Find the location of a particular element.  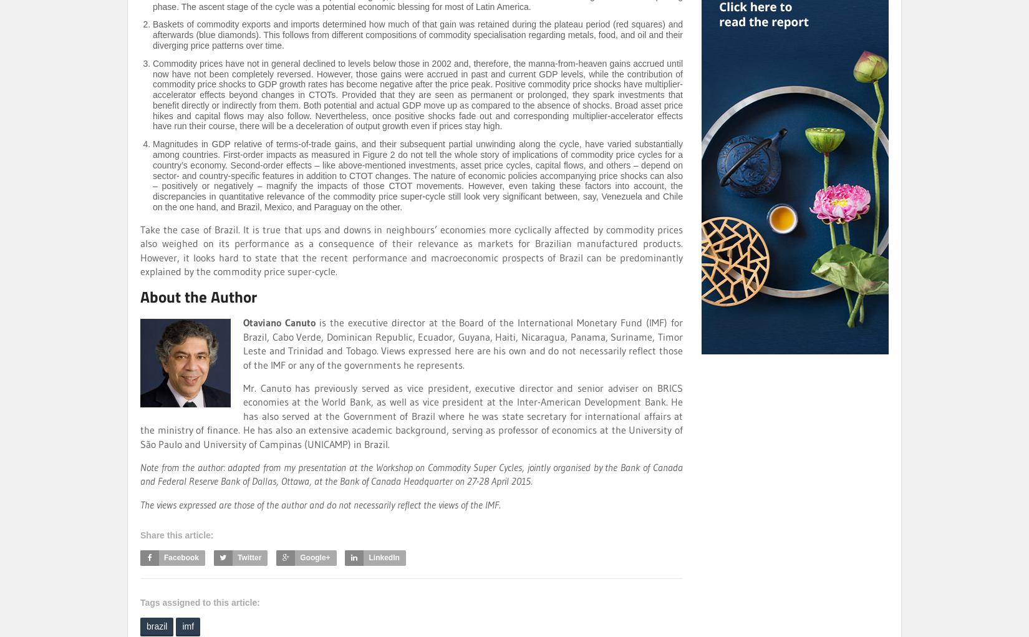

'Mr. Canuto has previously served as vice president, executive director and senior adviser on BRICS economies at the World Bank, as well as vice president at the Inter-American Development Bank. He has also served at the Government of Brazil where he was state secretary for international affairs at the ministry of finance. He has also an extensive academic background, serving as professor of economics at the University of São Paulo and University of Campinas (UNICAMP) in Brazil.' is located at coordinates (140, 414).